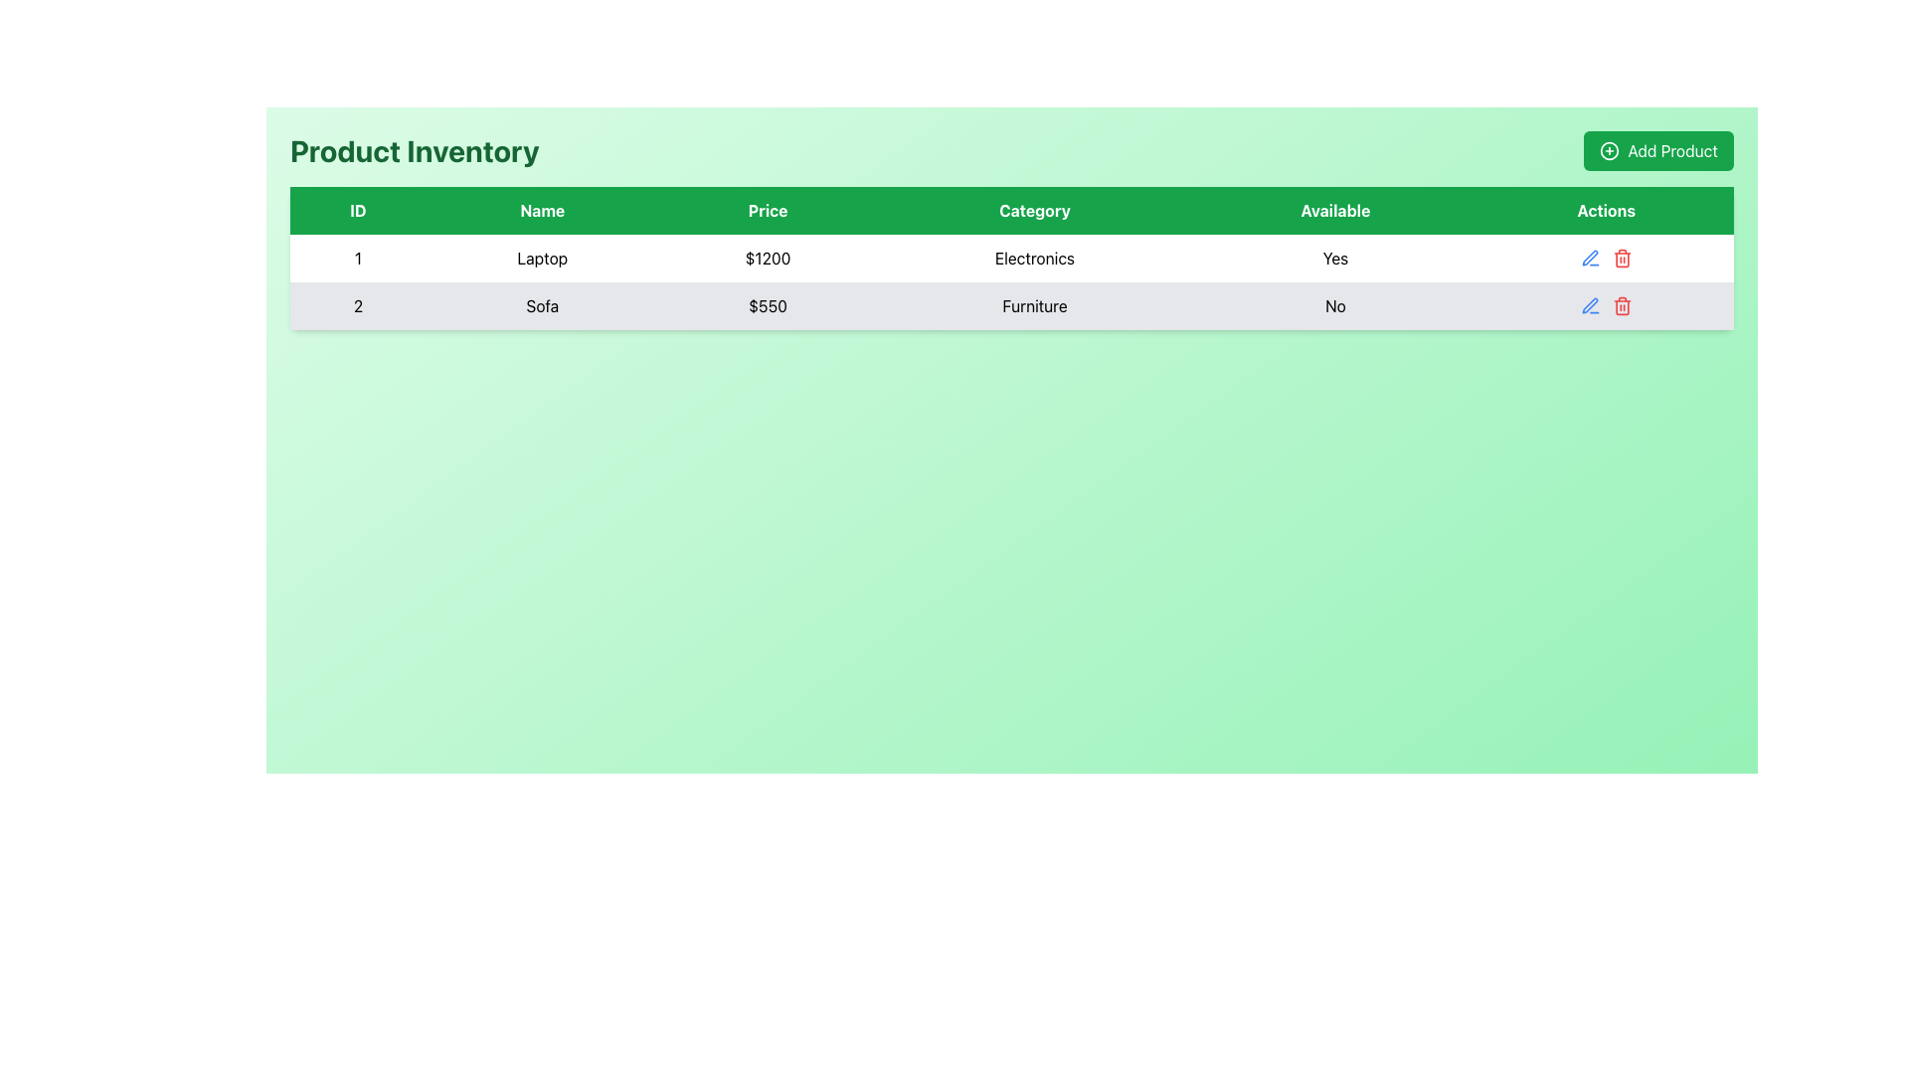 This screenshot has width=1909, height=1074. I want to click on the edit icon located in the 'Actions' column of the second row in the 'Product Inventory' table, next to the 'Sofa' entry, so click(1589, 305).